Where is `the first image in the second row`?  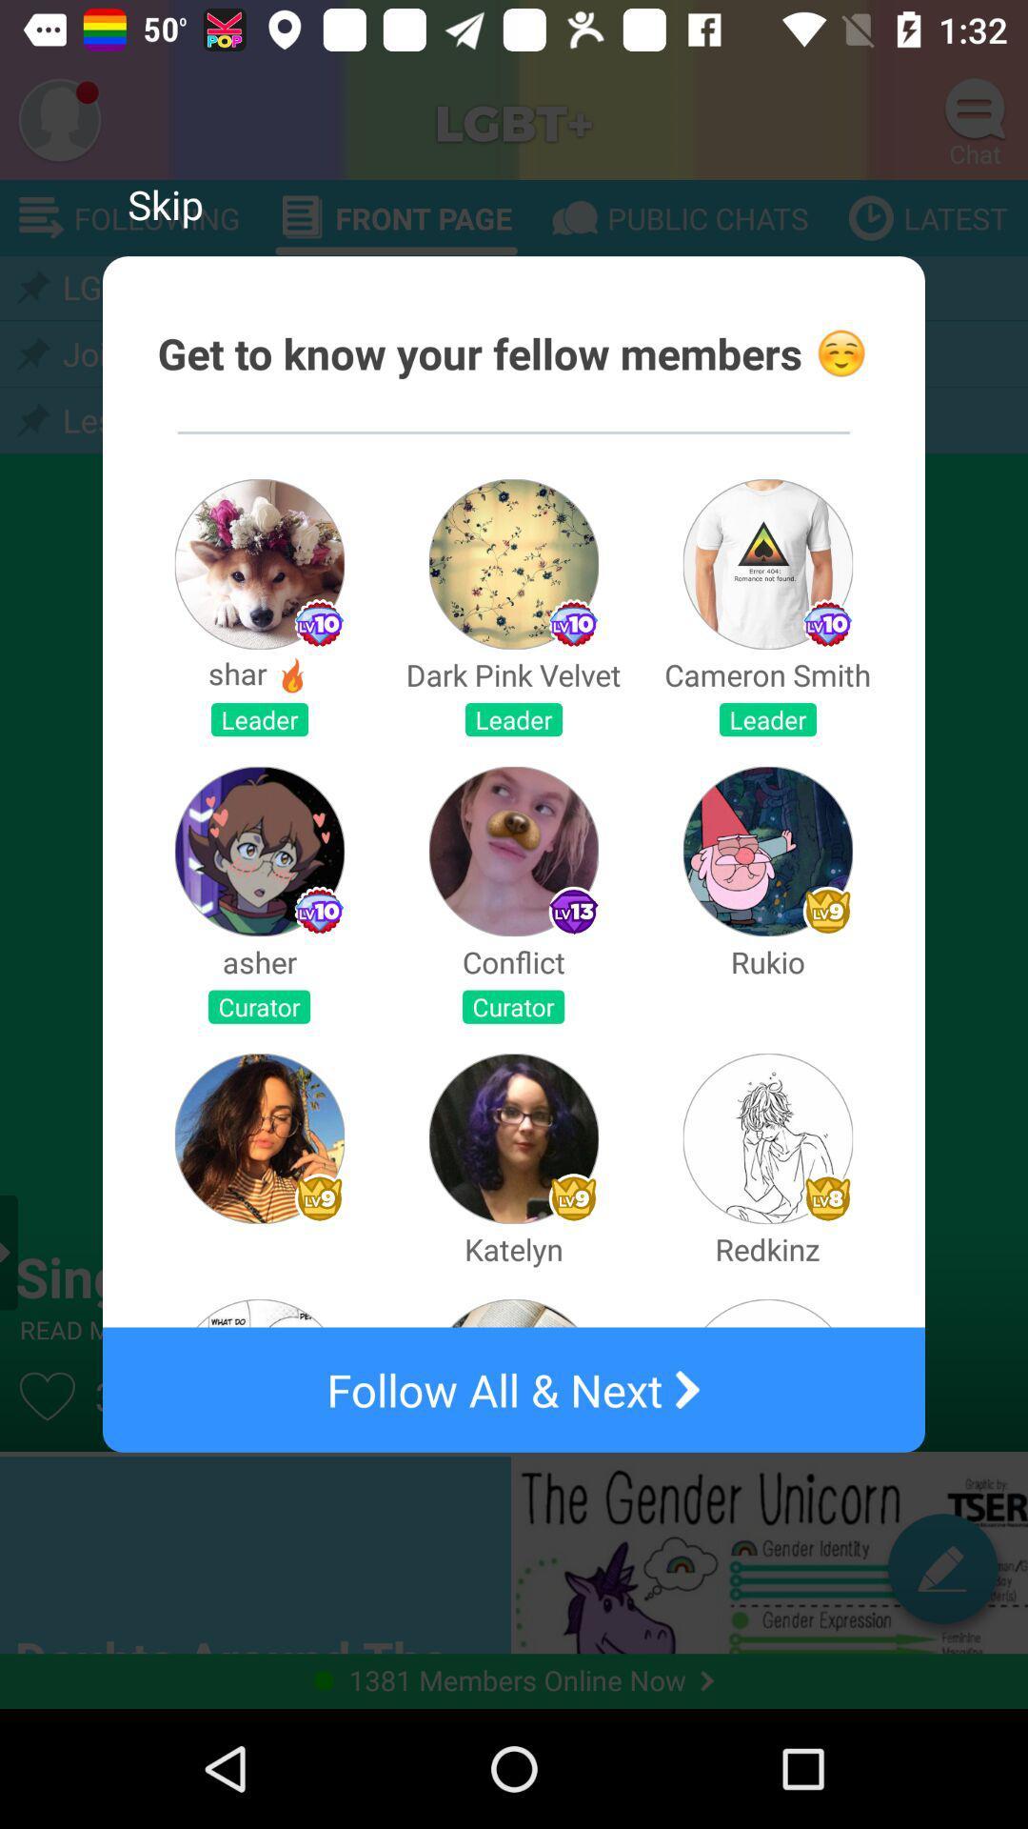
the first image in the second row is located at coordinates (260, 850).